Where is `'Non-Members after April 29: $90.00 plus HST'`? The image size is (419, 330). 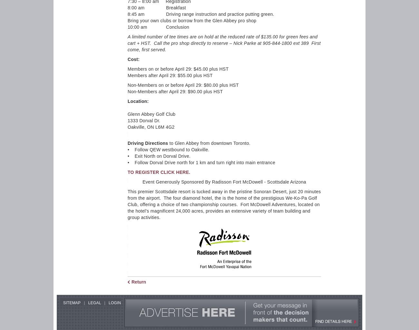 'Non-Members after April 29: $90.00 plus HST' is located at coordinates (175, 91).